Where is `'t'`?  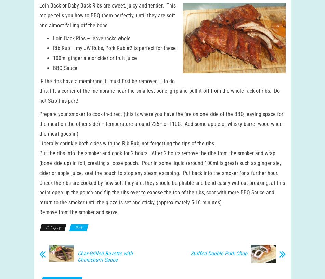 't' is located at coordinates (75, 107).